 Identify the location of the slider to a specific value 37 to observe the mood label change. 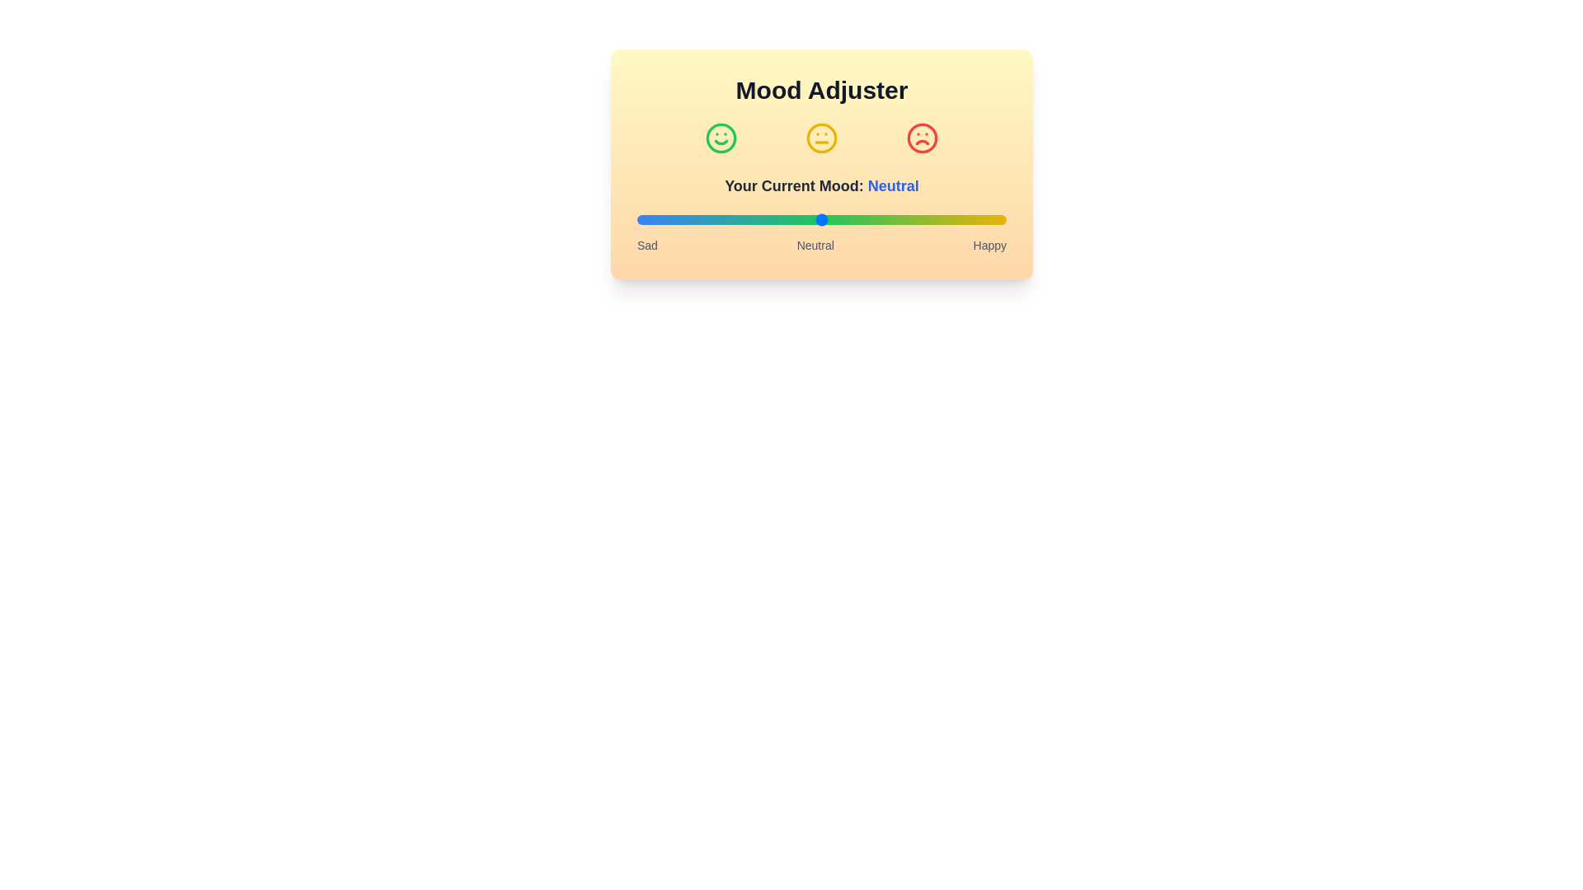
(773, 218).